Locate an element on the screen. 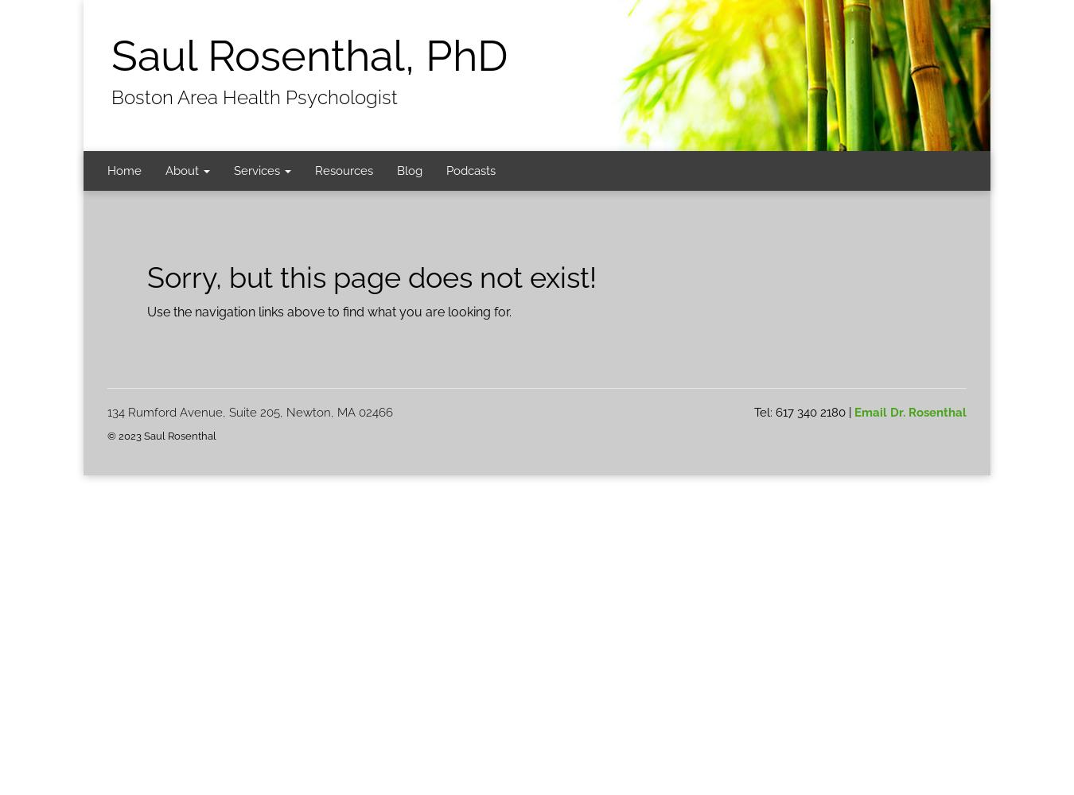 The image size is (1074, 795). 'About' is located at coordinates (182, 170).